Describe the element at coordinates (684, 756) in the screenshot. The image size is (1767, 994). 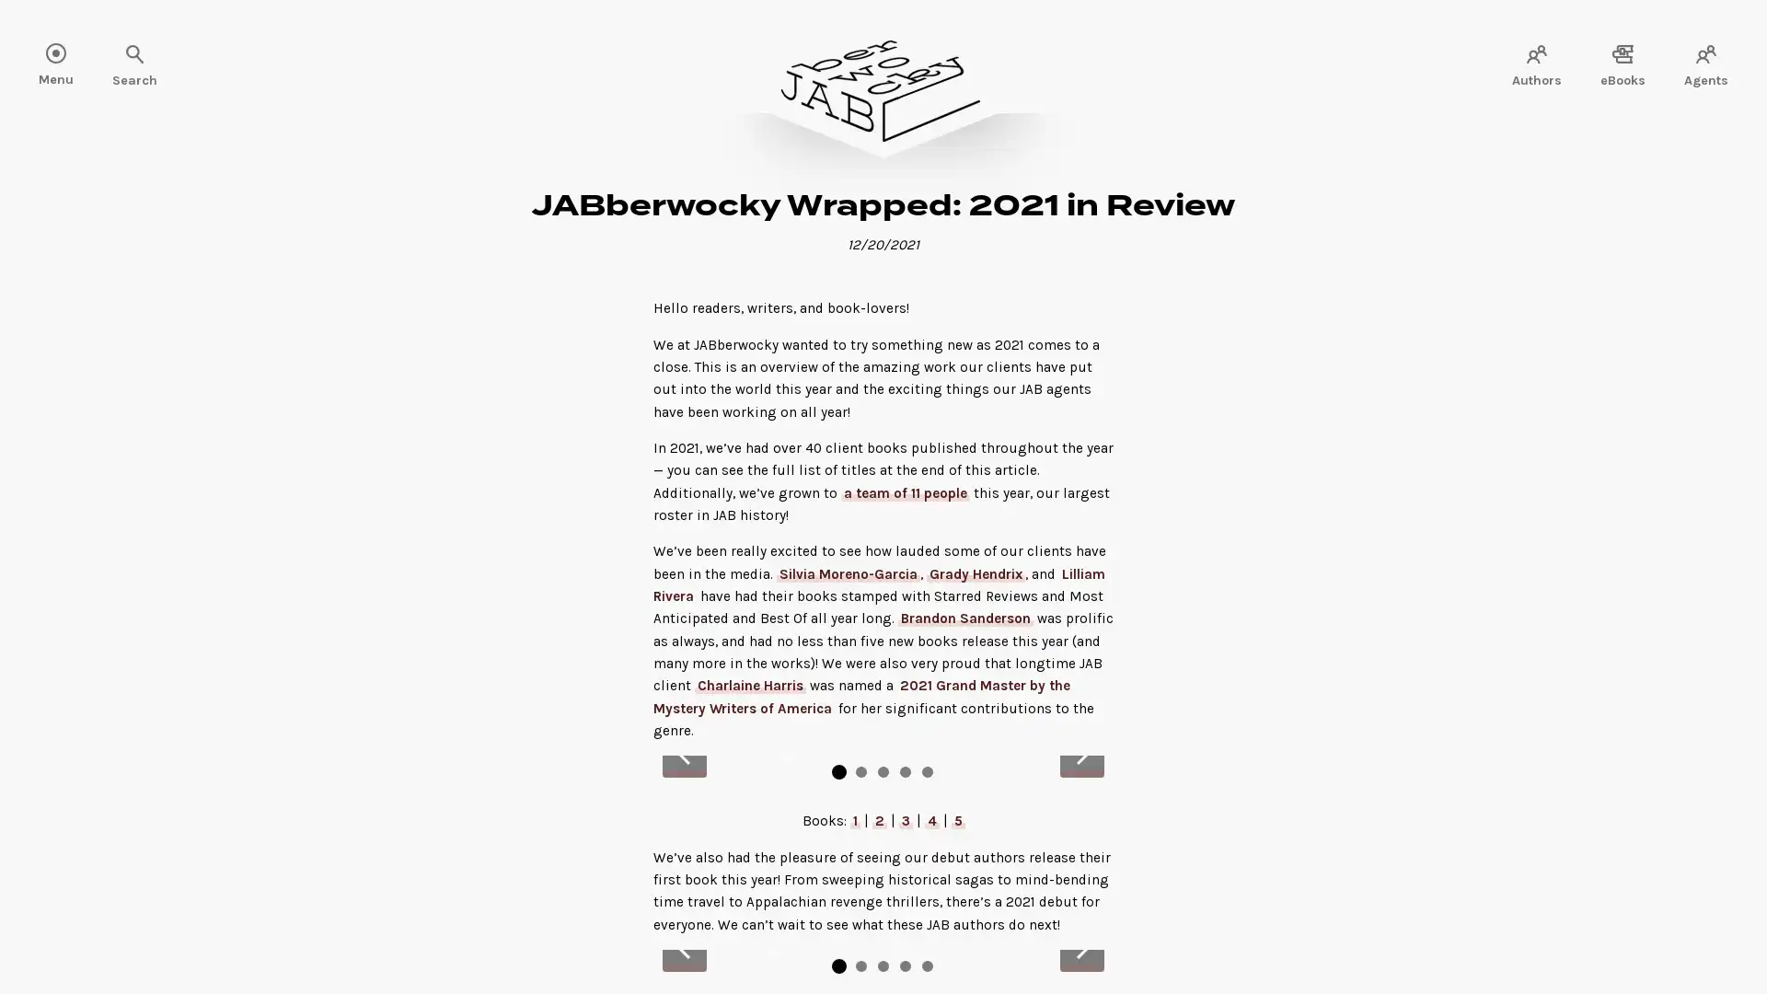
I see `Previous slide` at that location.